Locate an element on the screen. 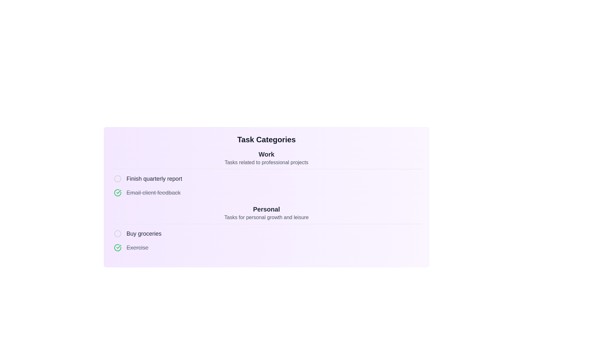 Image resolution: width=611 pixels, height=343 pixels. the subtitle text label that contains 'Tasks related to professional projects', which is styled in a smaller font and located directly beneath the bold title 'Work' in the 'Task Categories' section is located at coordinates (266, 162).